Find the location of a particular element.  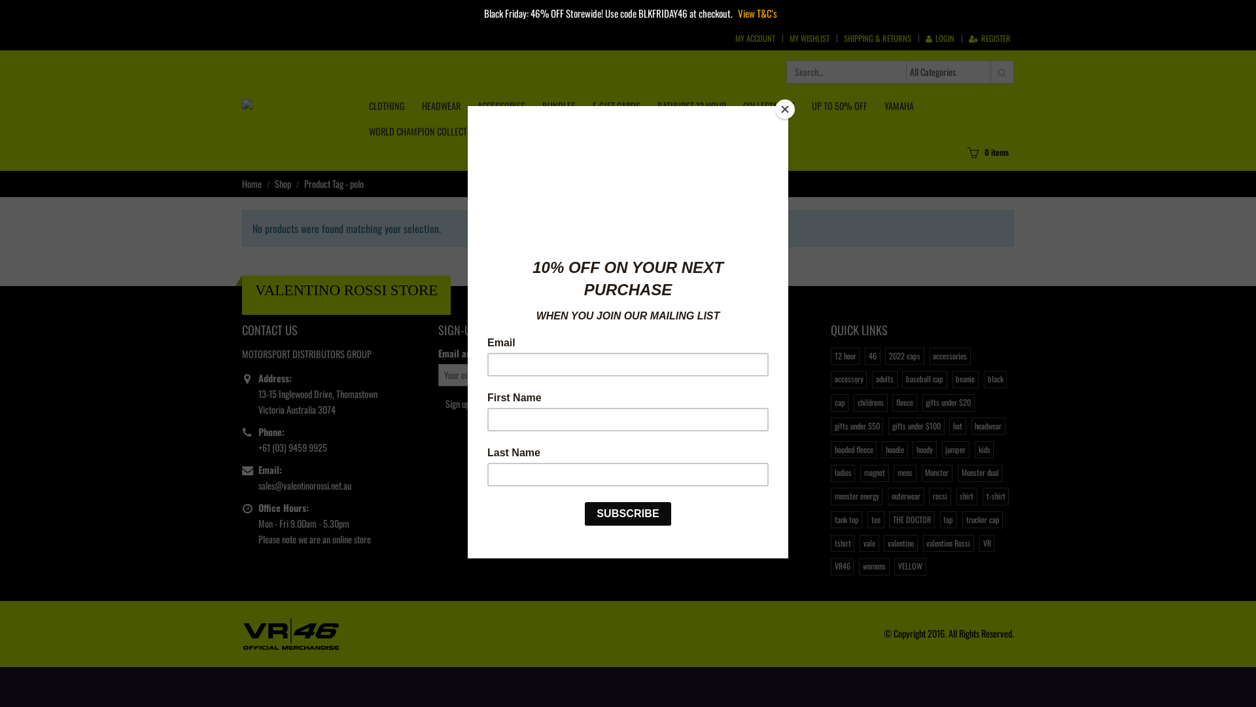

'MY ACCOUNT' is located at coordinates (755, 37).